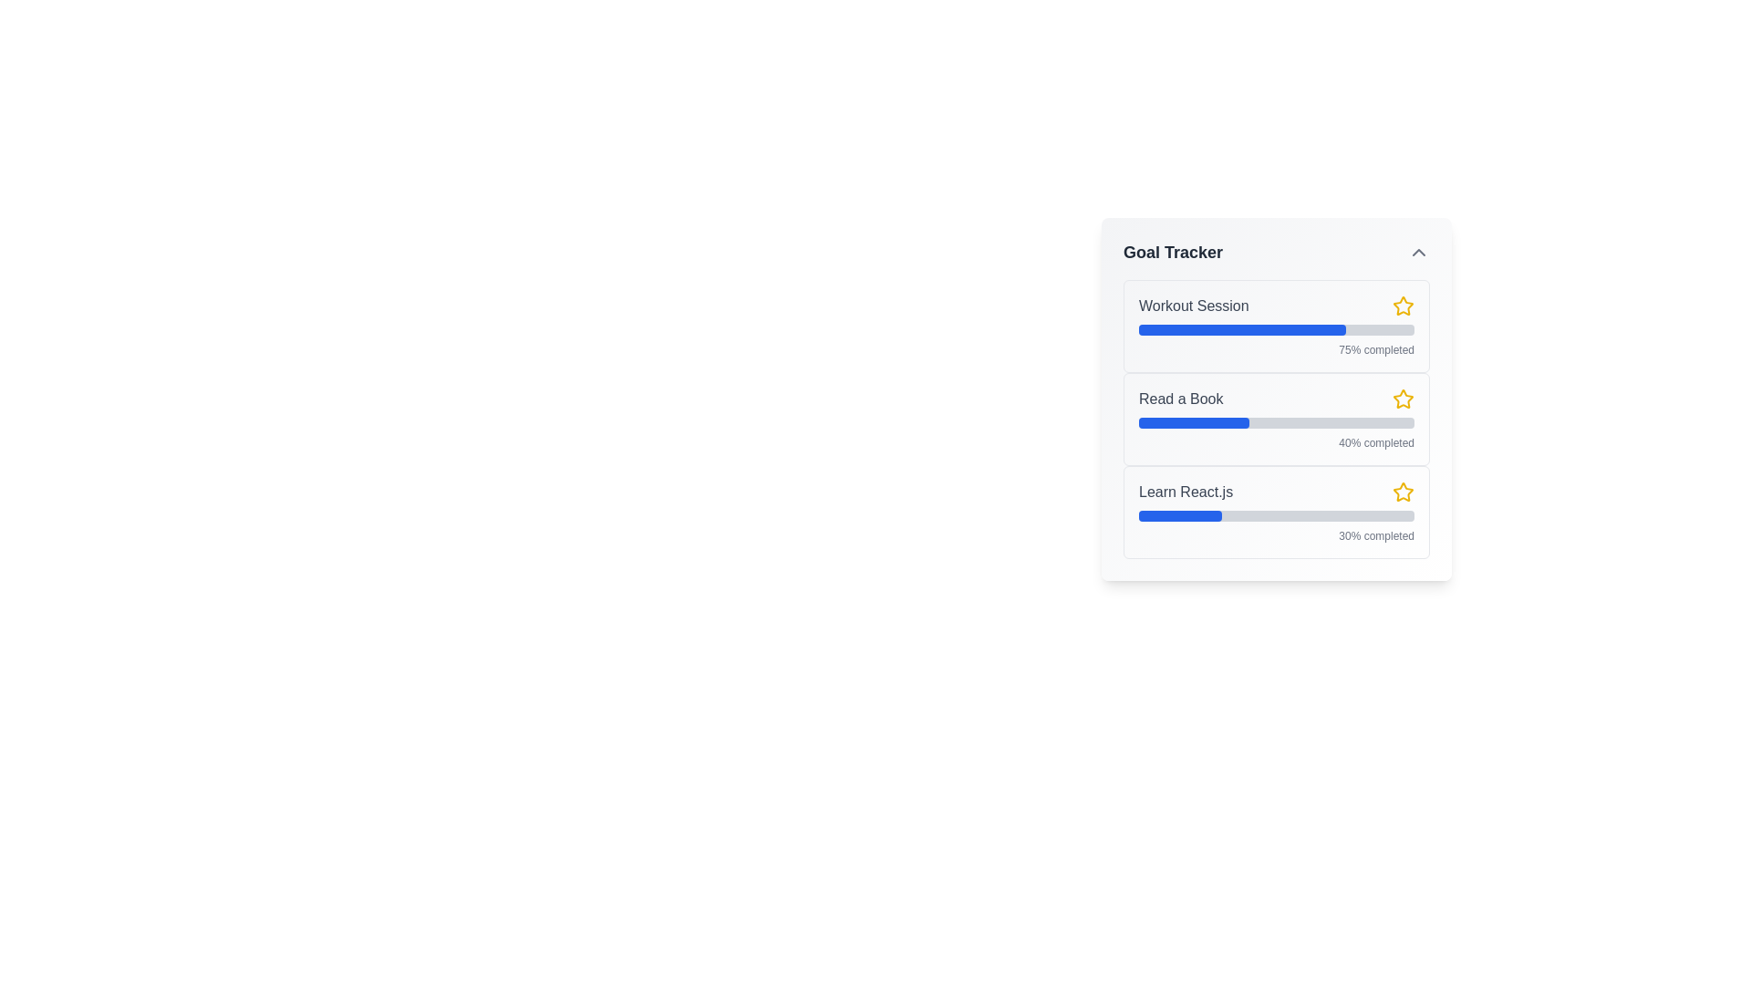 The height and width of the screenshot is (985, 1751). I want to click on text content of the 'Learn React.js' label, which is styled with medium-weight typography and a gray color, located within the 'Goal Tracker' section, so click(1186, 493).